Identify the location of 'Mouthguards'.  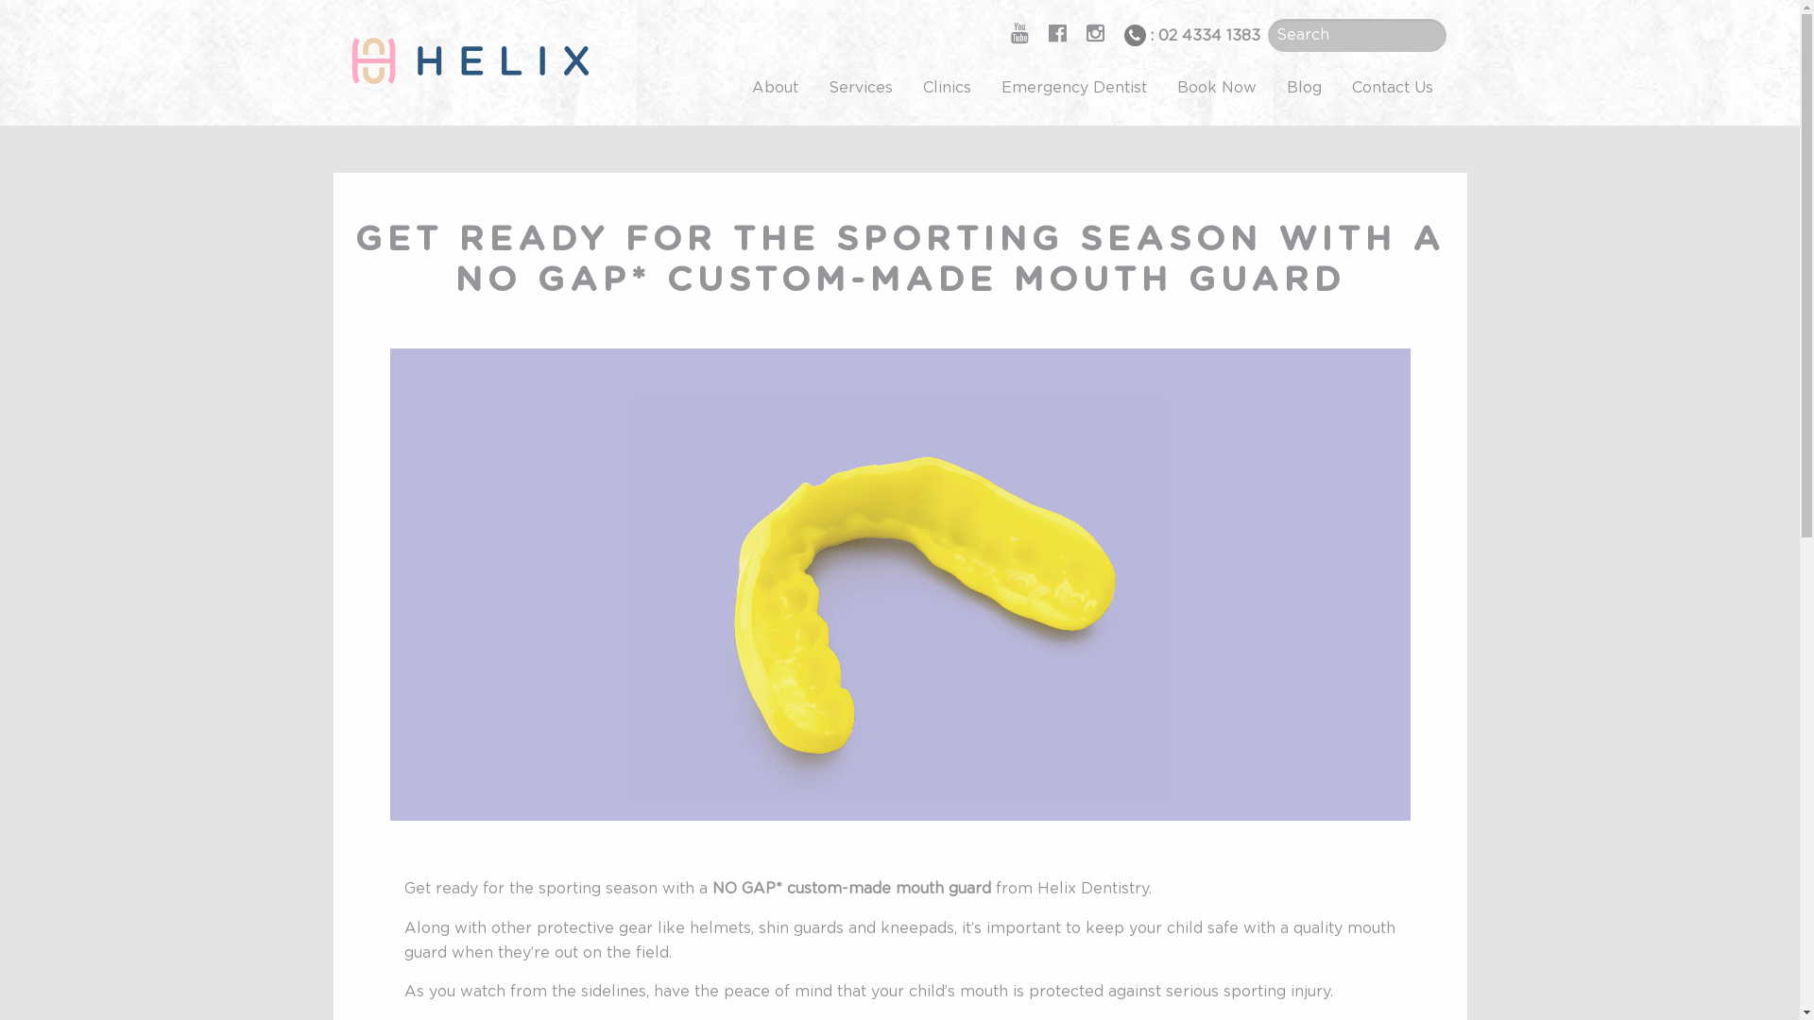
(898, 583).